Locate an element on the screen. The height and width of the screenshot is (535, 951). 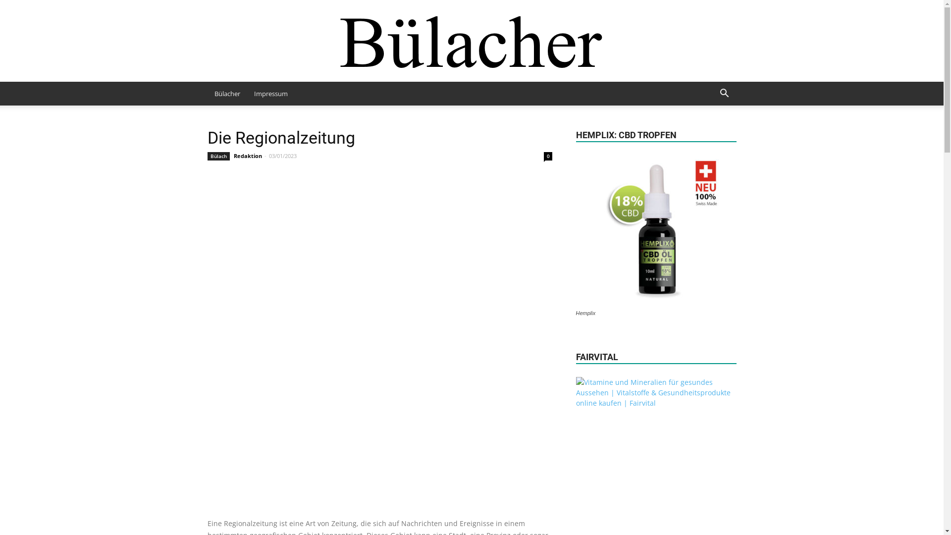
'Die Regionalzeitung' is located at coordinates (280, 137).